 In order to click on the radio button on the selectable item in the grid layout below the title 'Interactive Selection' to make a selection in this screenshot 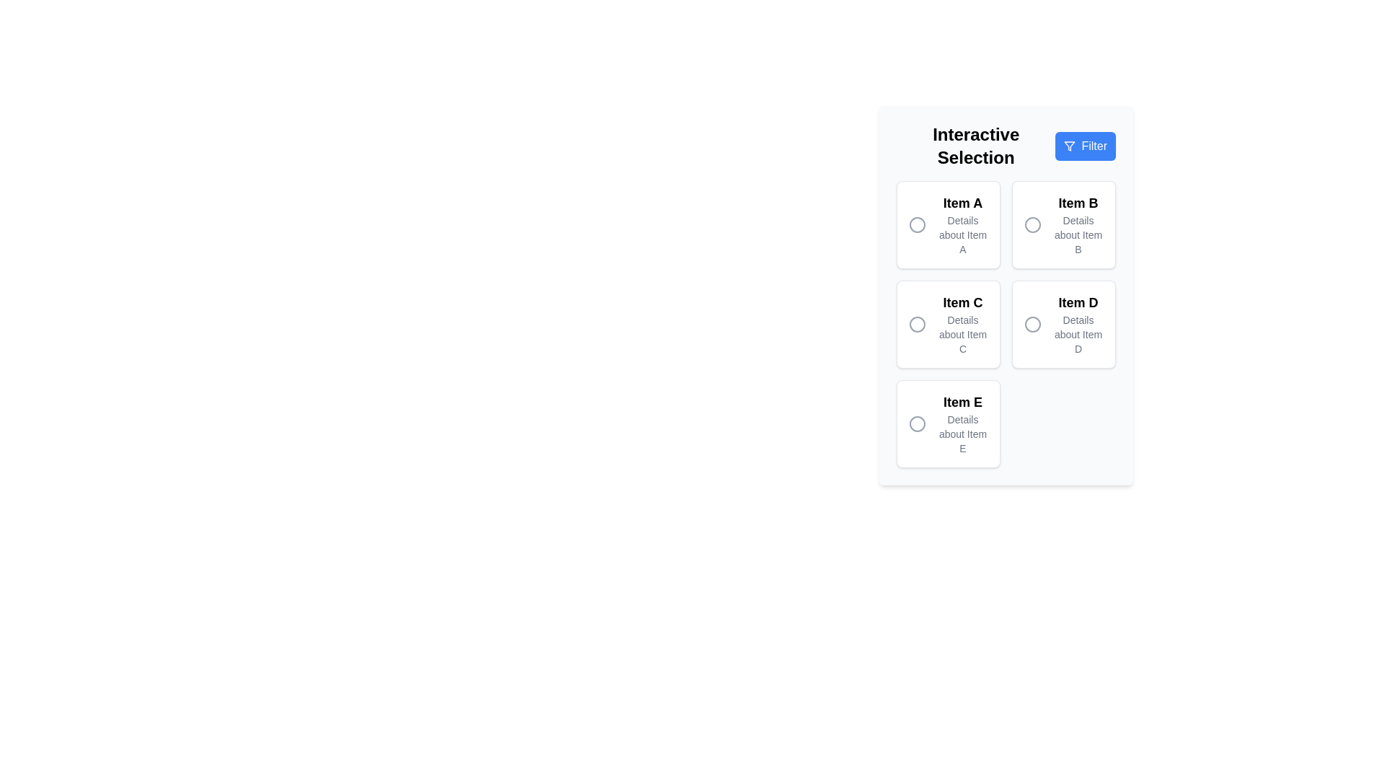, I will do `click(1006, 325)`.